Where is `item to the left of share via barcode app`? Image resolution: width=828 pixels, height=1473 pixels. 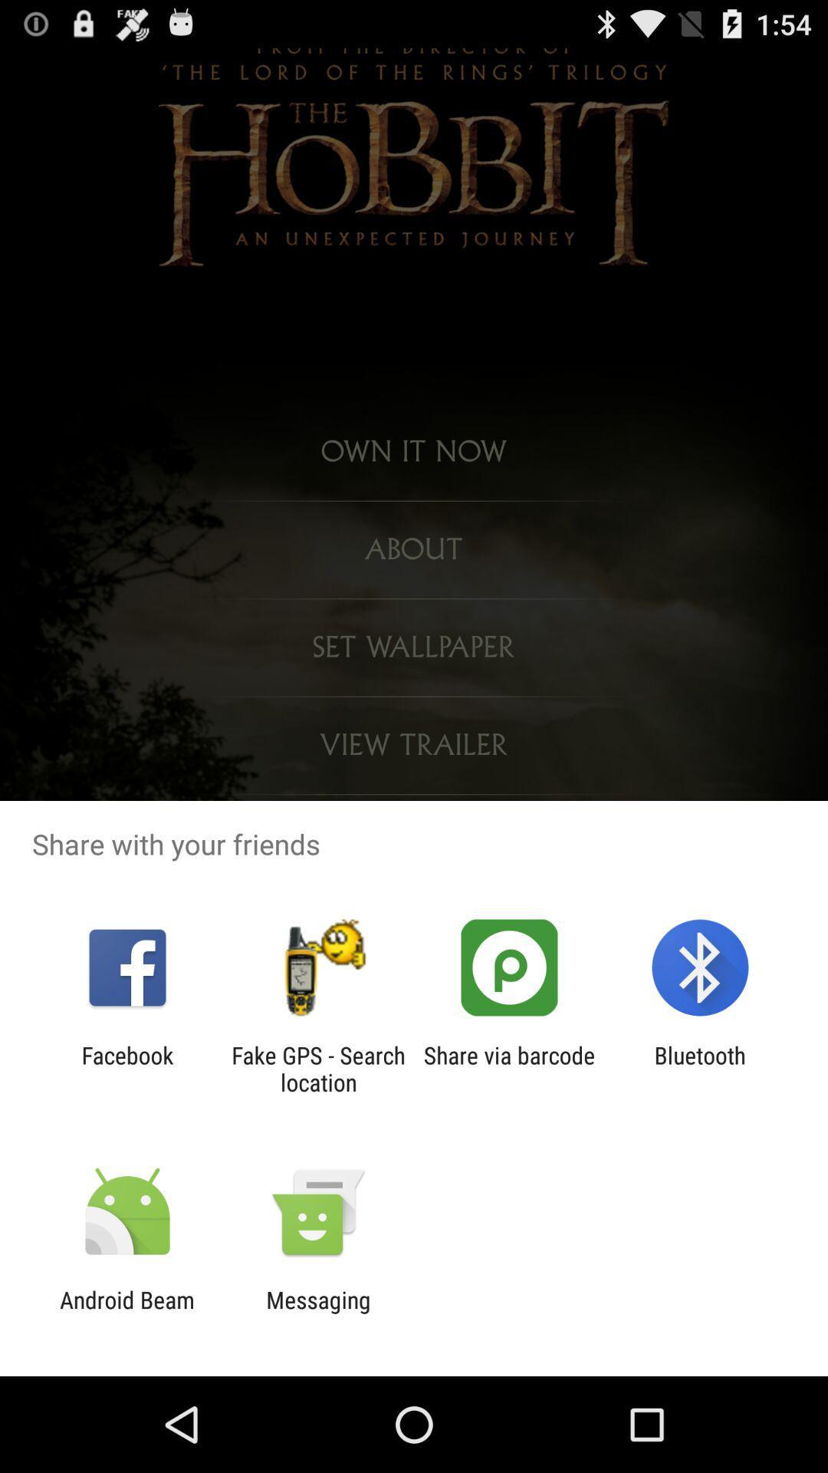 item to the left of share via barcode app is located at coordinates (317, 1068).